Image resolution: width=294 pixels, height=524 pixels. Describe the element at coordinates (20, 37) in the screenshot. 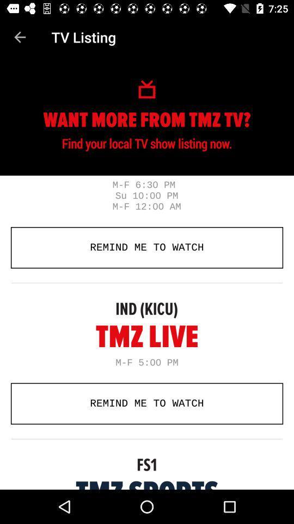

I see `item above the remind me to item` at that location.